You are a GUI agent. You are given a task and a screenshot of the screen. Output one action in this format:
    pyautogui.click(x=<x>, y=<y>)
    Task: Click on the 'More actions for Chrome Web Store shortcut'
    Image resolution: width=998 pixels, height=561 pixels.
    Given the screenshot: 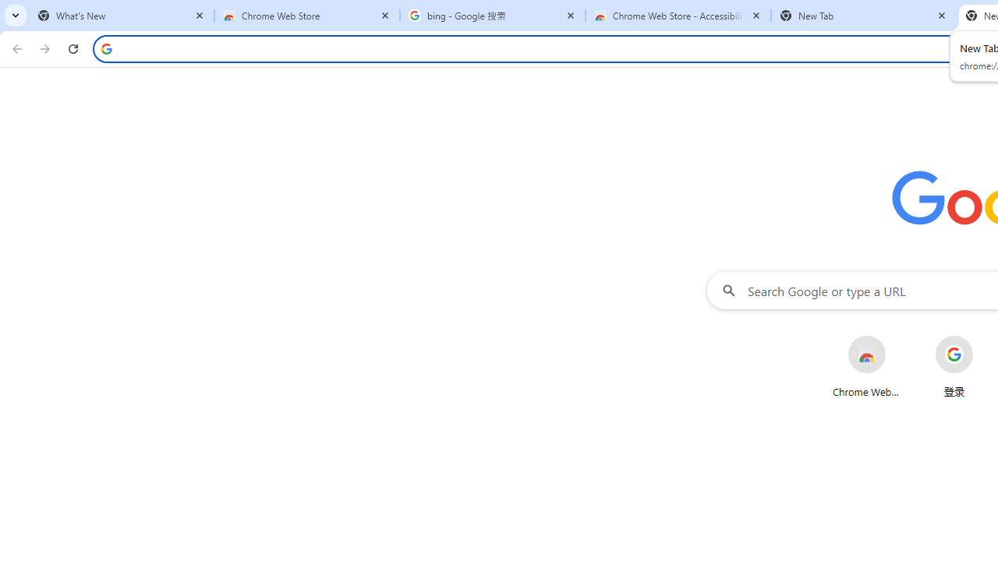 What is the action you would take?
    pyautogui.click(x=898, y=337)
    